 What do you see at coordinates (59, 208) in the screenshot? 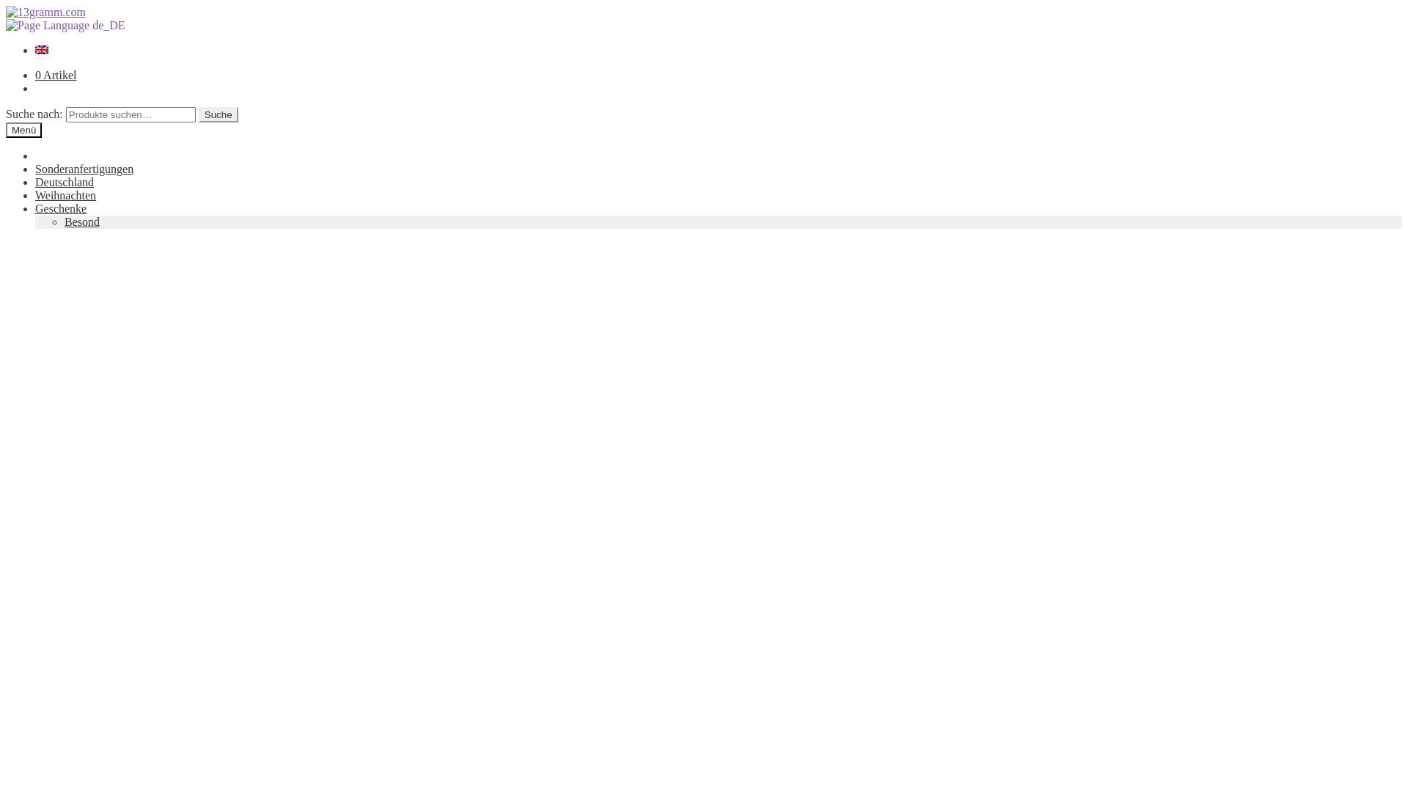
I see `'Geschenke'` at bounding box center [59, 208].